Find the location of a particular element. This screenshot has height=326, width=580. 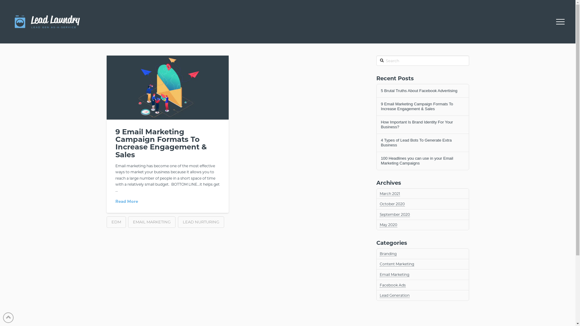

'EMAIL MARKETING' is located at coordinates (127, 222).